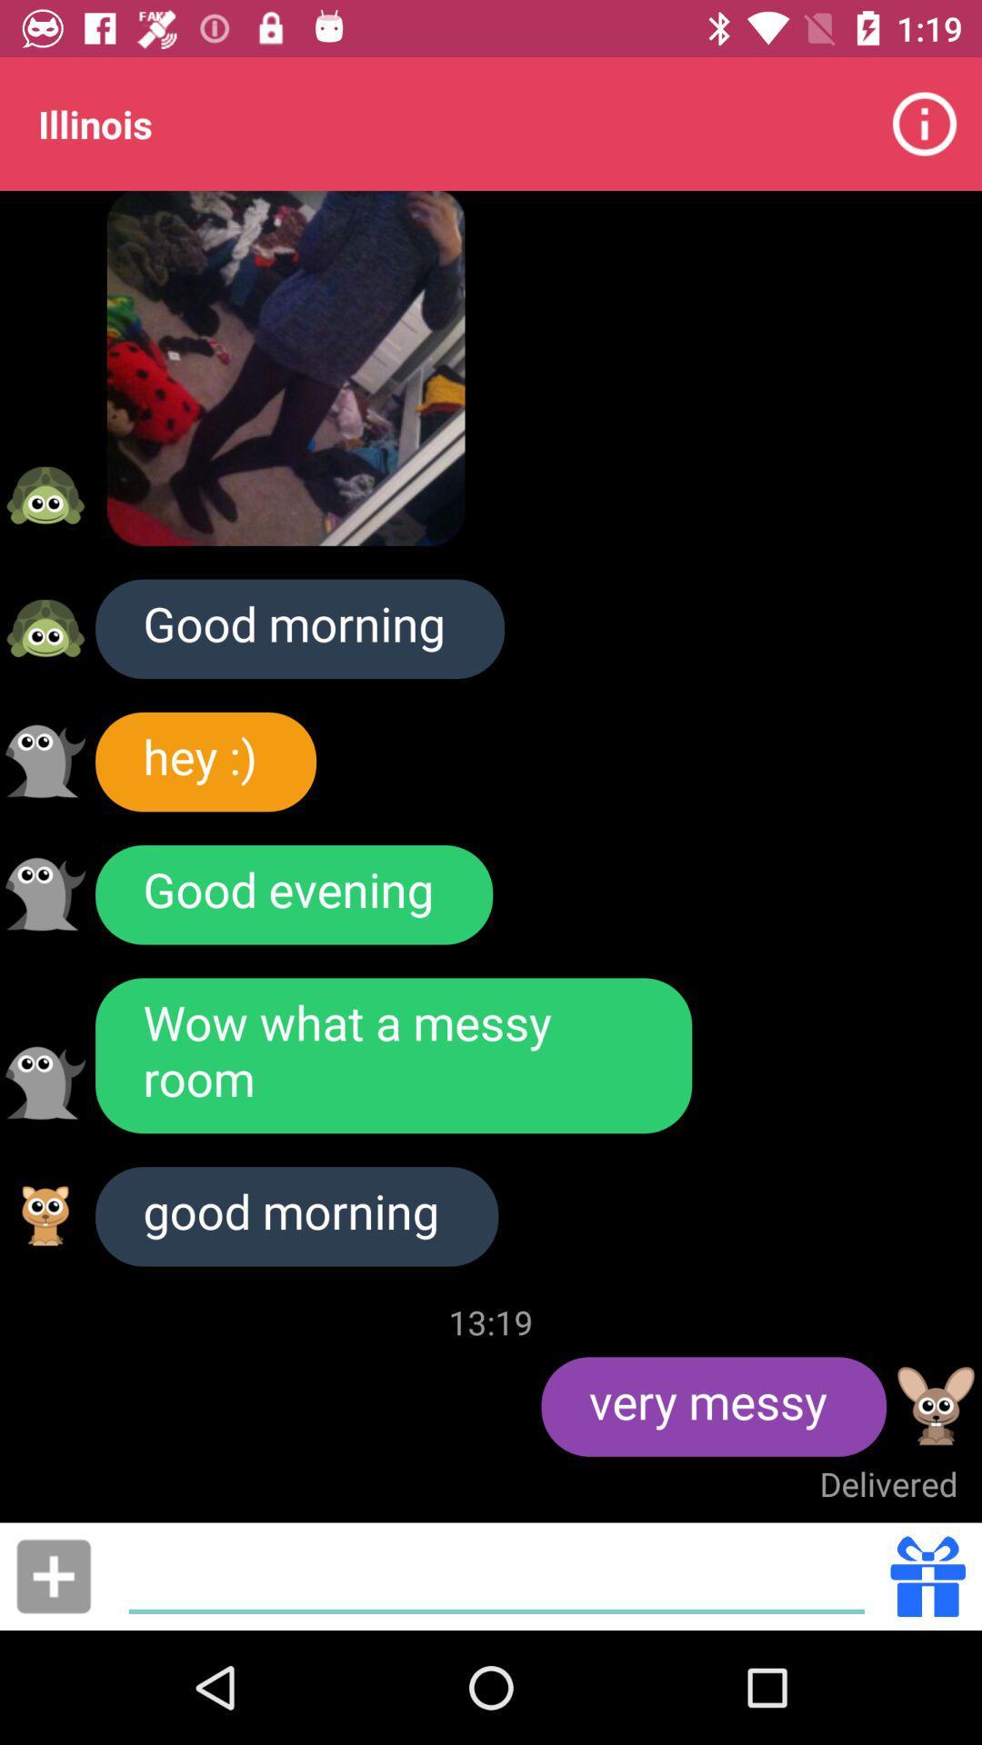 This screenshot has width=982, height=1745. What do you see at coordinates (713, 1406) in the screenshot?
I see `item above delivered item` at bounding box center [713, 1406].